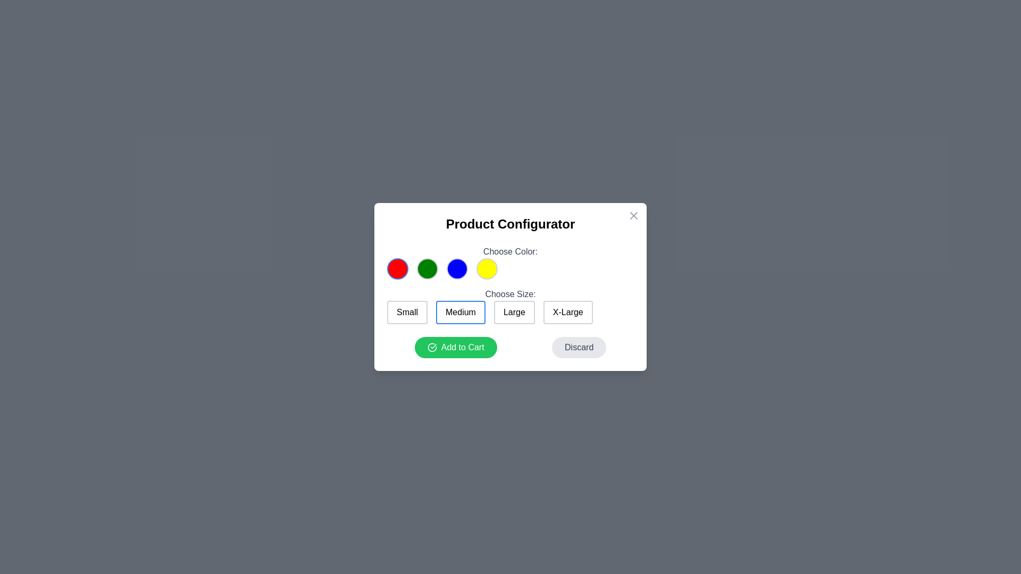  I want to click on the 'Add to Cart' button, which is a green rounded rectangular button with a white checkmark icon and 'Add to Cart' text, located in the 'Product Configurator' dialog interface, so click(456, 348).